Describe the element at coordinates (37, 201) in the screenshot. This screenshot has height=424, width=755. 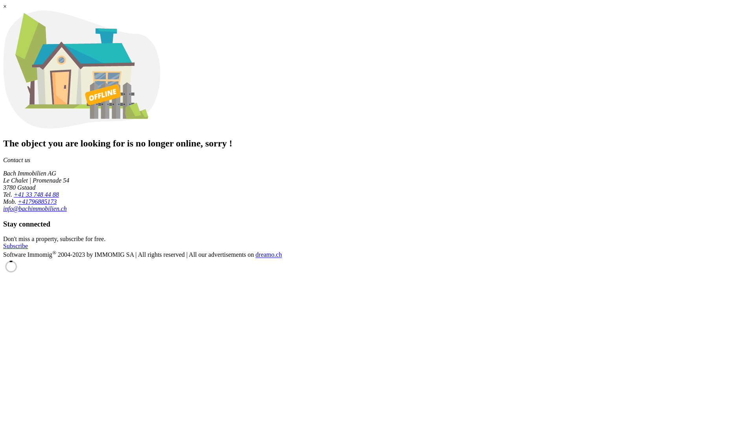
I see `'+41796885173'` at that location.